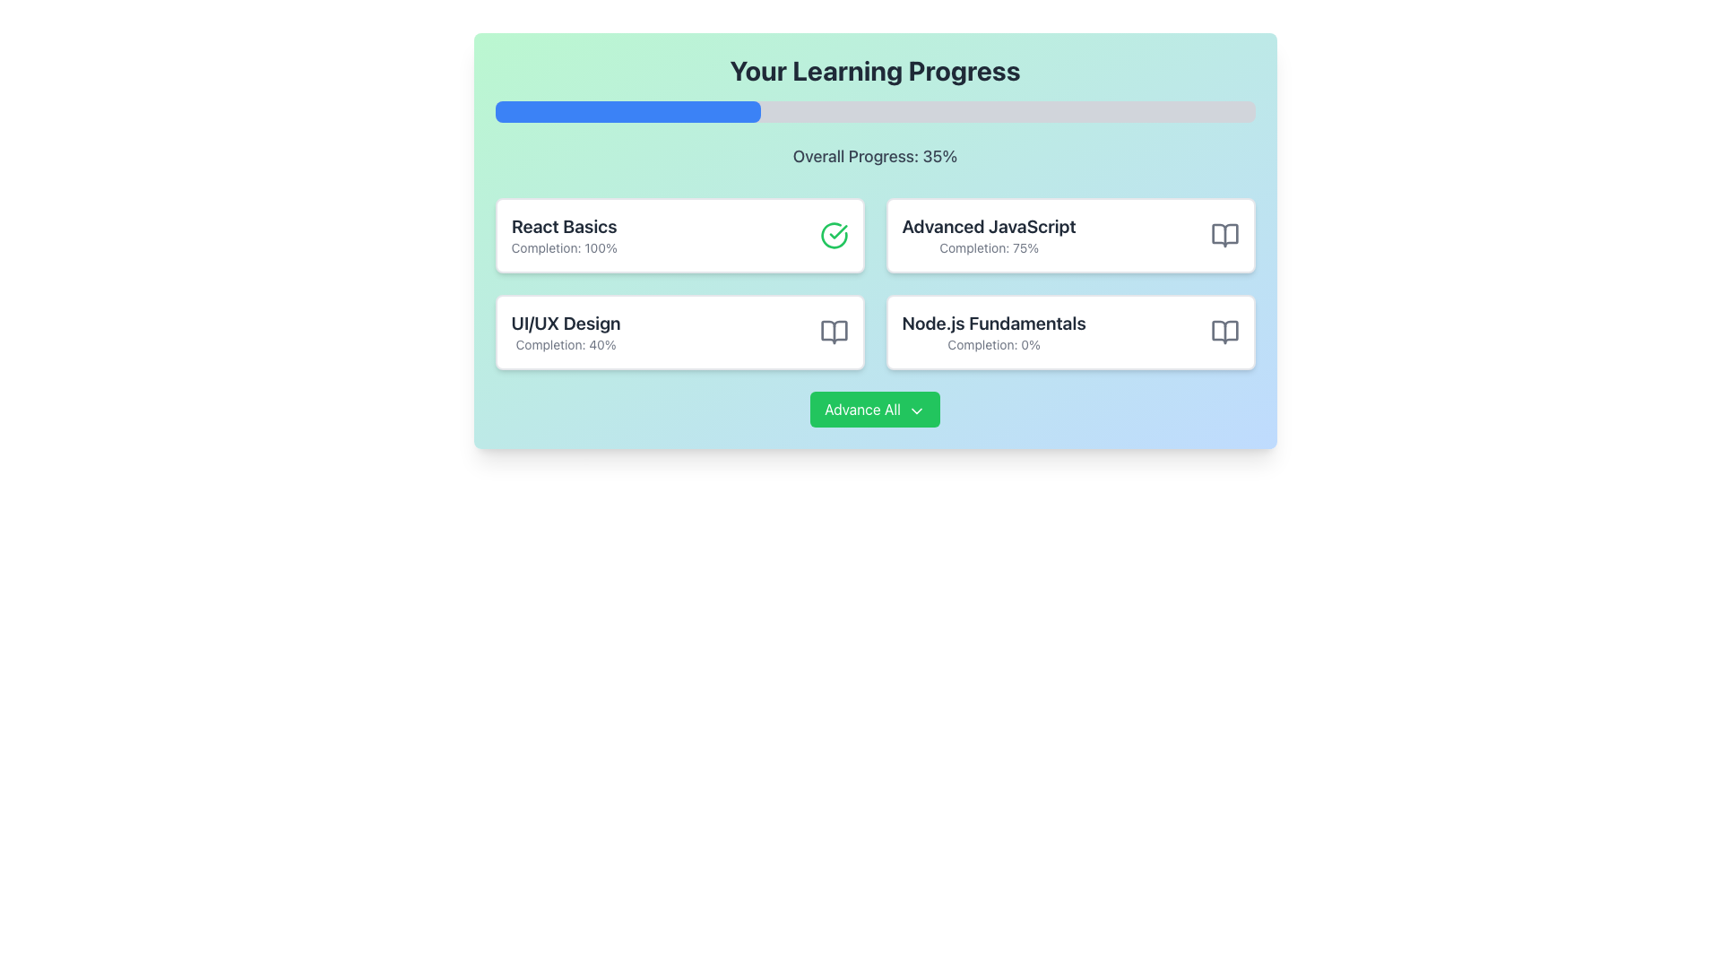 The width and height of the screenshot is (1721, 968). Describe the element at coordinates (783, 111) in the screenshot. I see `progress` at that location.